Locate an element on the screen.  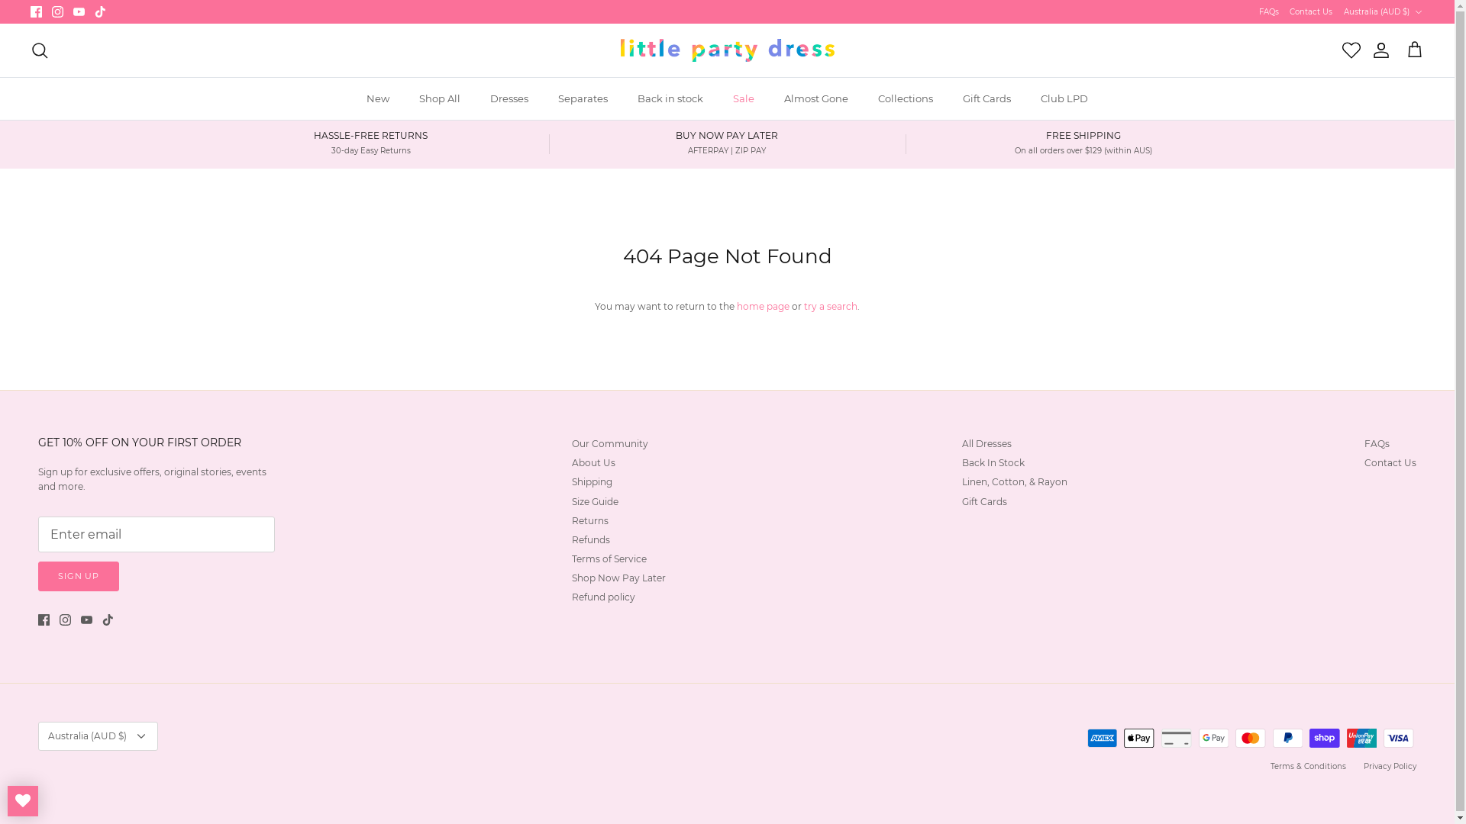
'Back In Stock' is located at coordinates (993, 462).